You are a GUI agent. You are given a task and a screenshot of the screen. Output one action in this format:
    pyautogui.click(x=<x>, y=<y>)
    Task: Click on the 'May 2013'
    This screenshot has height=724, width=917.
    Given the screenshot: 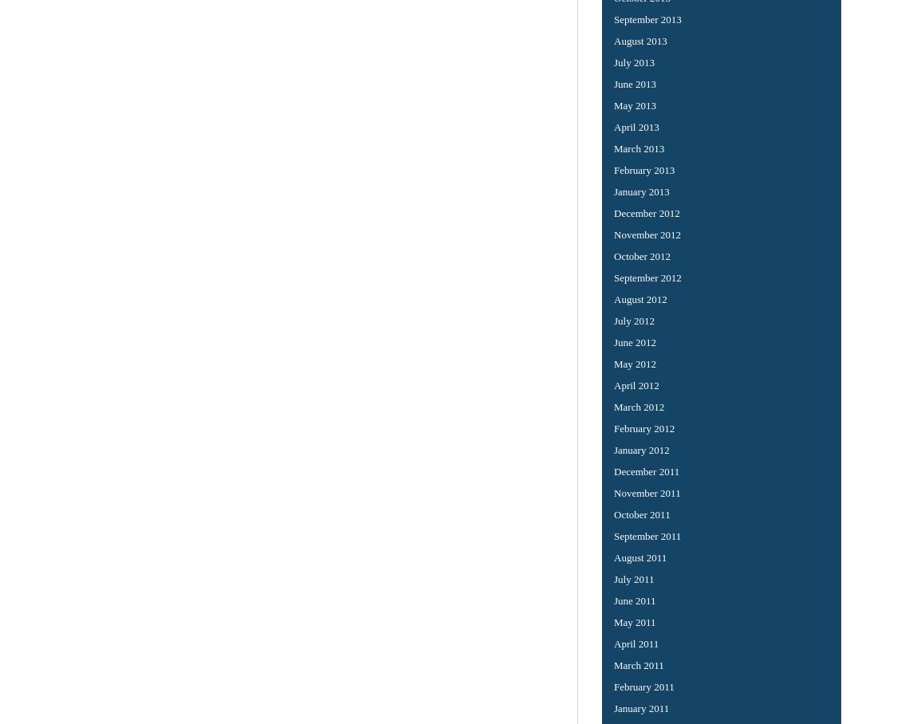 What is the action you would take?
    pyautogui.click(x=634, y=104)
    